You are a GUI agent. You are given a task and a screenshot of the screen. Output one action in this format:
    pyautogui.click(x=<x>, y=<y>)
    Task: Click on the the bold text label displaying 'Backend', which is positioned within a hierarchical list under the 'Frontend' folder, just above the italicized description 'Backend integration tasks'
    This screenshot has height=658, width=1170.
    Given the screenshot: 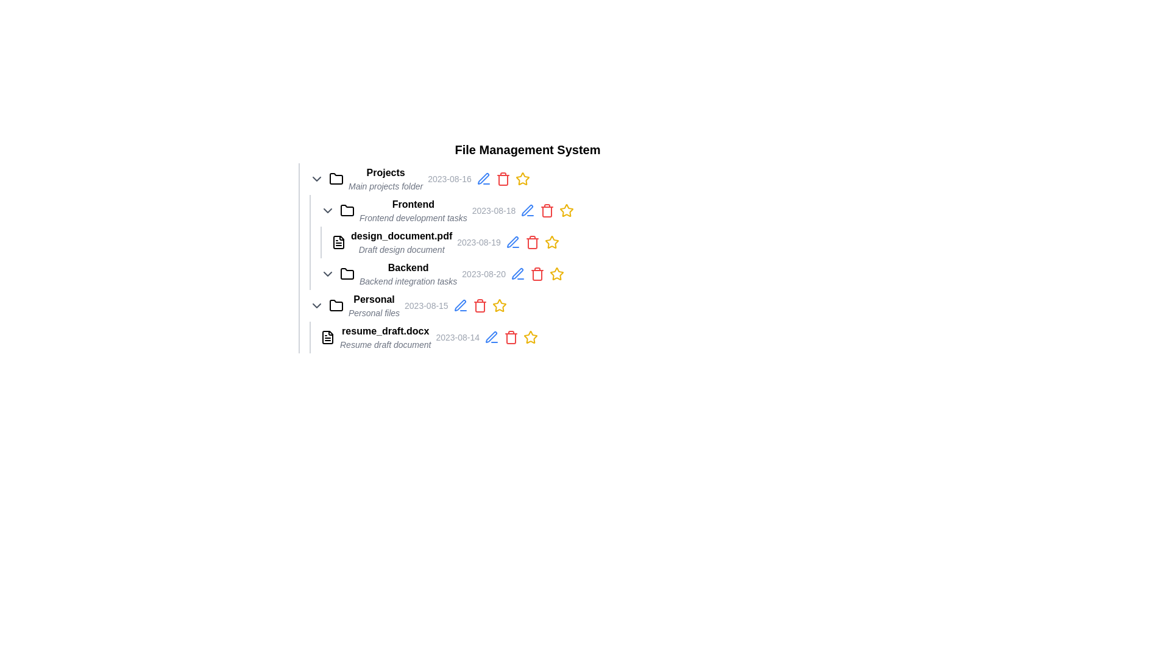 What is the action you would take?
    pyautogui.click(x=408, y=267)
    